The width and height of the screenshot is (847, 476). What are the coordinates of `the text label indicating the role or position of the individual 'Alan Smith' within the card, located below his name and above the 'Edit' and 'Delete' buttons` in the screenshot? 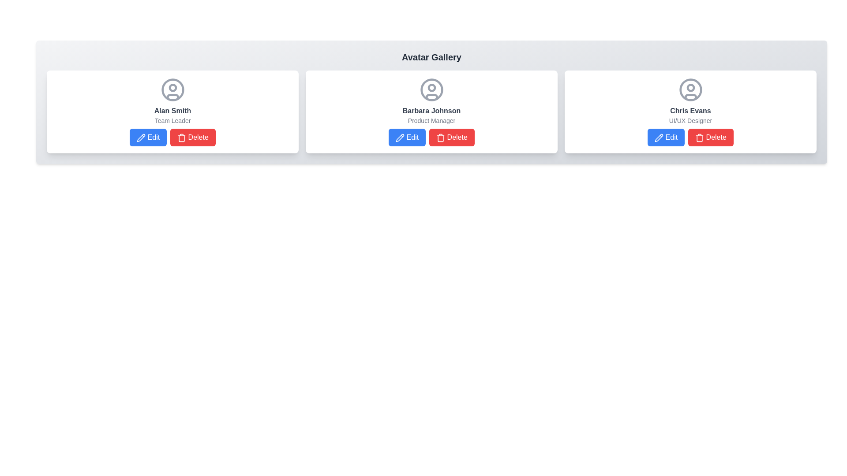 It's located at (172, 120).